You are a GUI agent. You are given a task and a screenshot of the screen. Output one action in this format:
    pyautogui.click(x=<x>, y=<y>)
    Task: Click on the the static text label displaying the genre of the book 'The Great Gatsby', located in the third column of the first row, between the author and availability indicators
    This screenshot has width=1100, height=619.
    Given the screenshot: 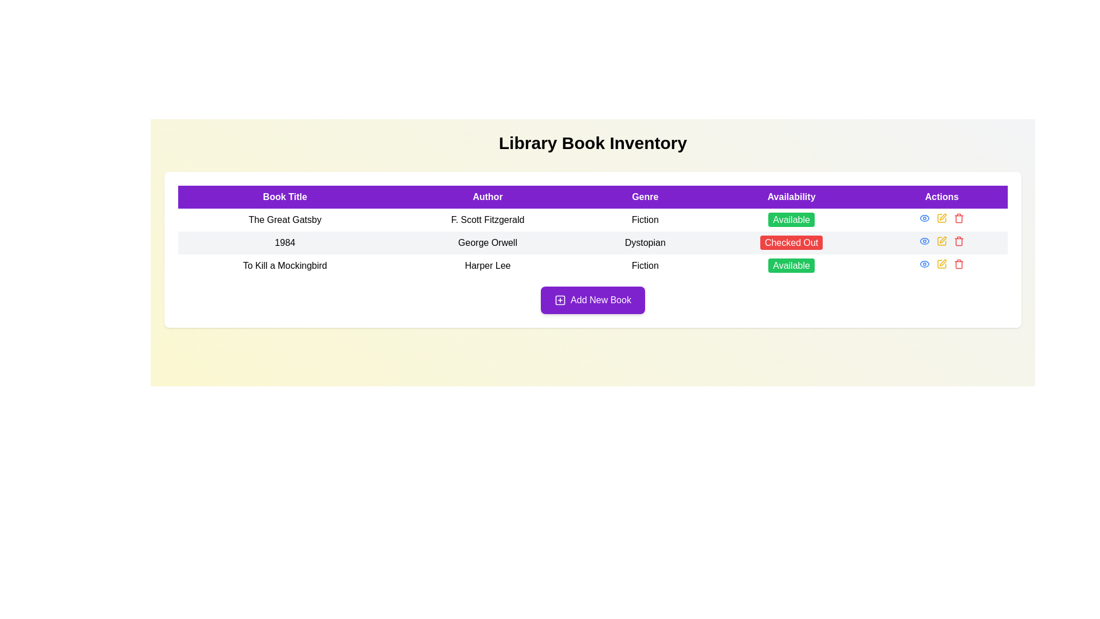 What is the action you would take?
    pyautogui.click(x=645, y=220)
    